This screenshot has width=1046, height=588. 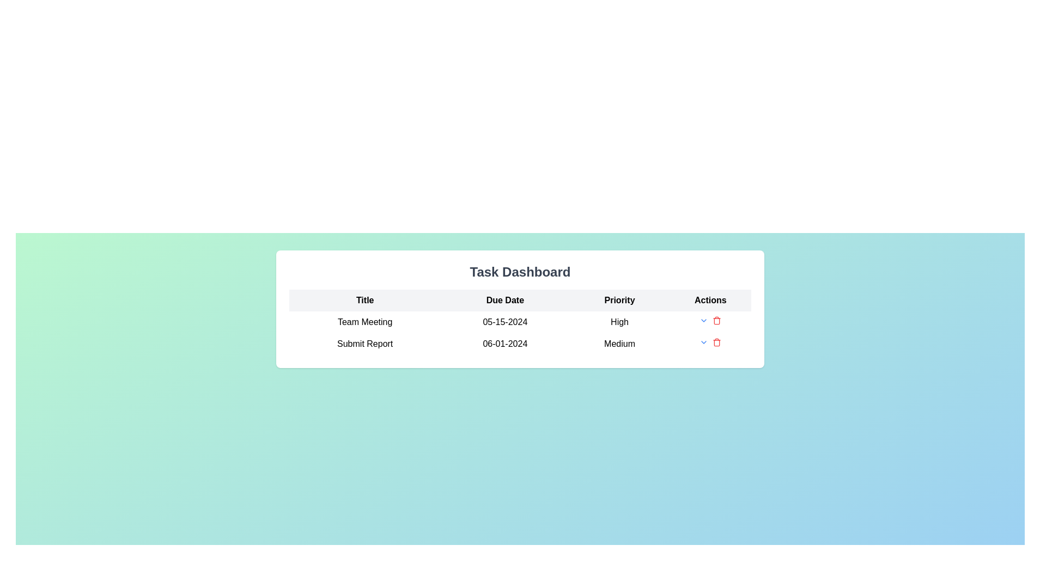 I want to click on the task priorities column header in the table, which is the third column between 'Due Date' and 'Actions', so click(x=619, y=300).